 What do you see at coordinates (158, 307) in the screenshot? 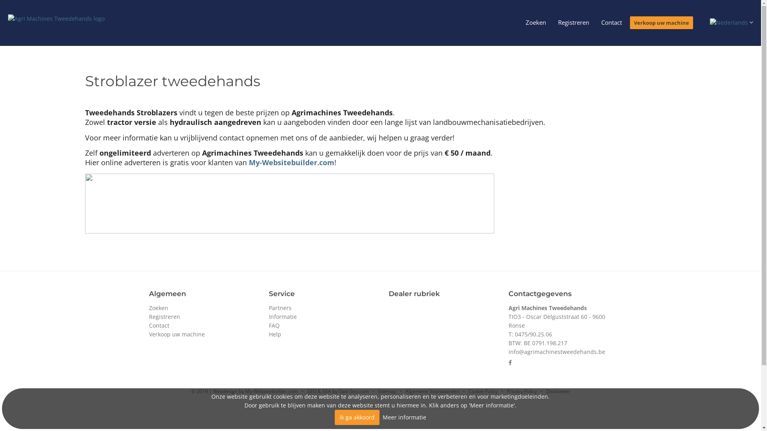
I see `'Zoeken'` at bounding box center [158, 307].